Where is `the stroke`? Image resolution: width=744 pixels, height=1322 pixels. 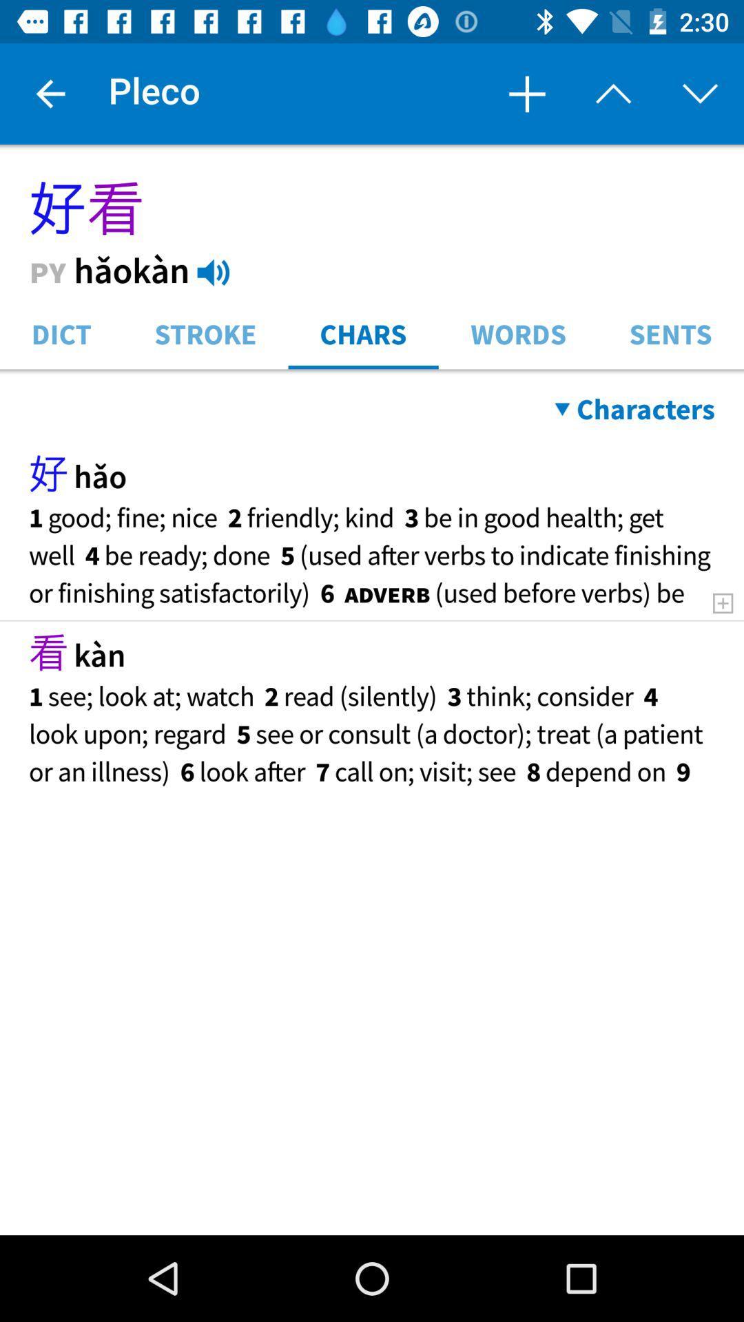 the stroke is located at coordinates (205, 333).